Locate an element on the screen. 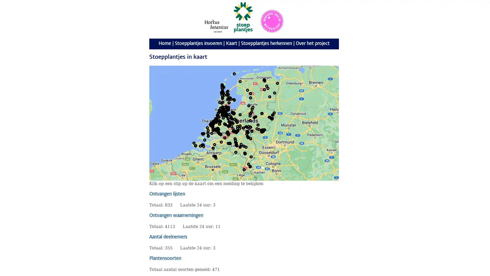 This screenshot has width=490, height=276. Telling van op 30 april 2022 is located at coordinates (263, 131).